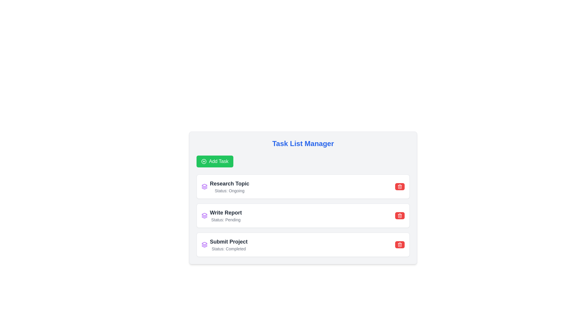 Image resolution: width=570 pixels, height=320 pixels. What do you see at coordinates (229, 186) in the screenshot?
I see `content displayed in the Text Display element located in the first row of the task list under the 'Task List Manager' header, positioned to the right of the stacked layers icon` at bounding box center [229, 186].